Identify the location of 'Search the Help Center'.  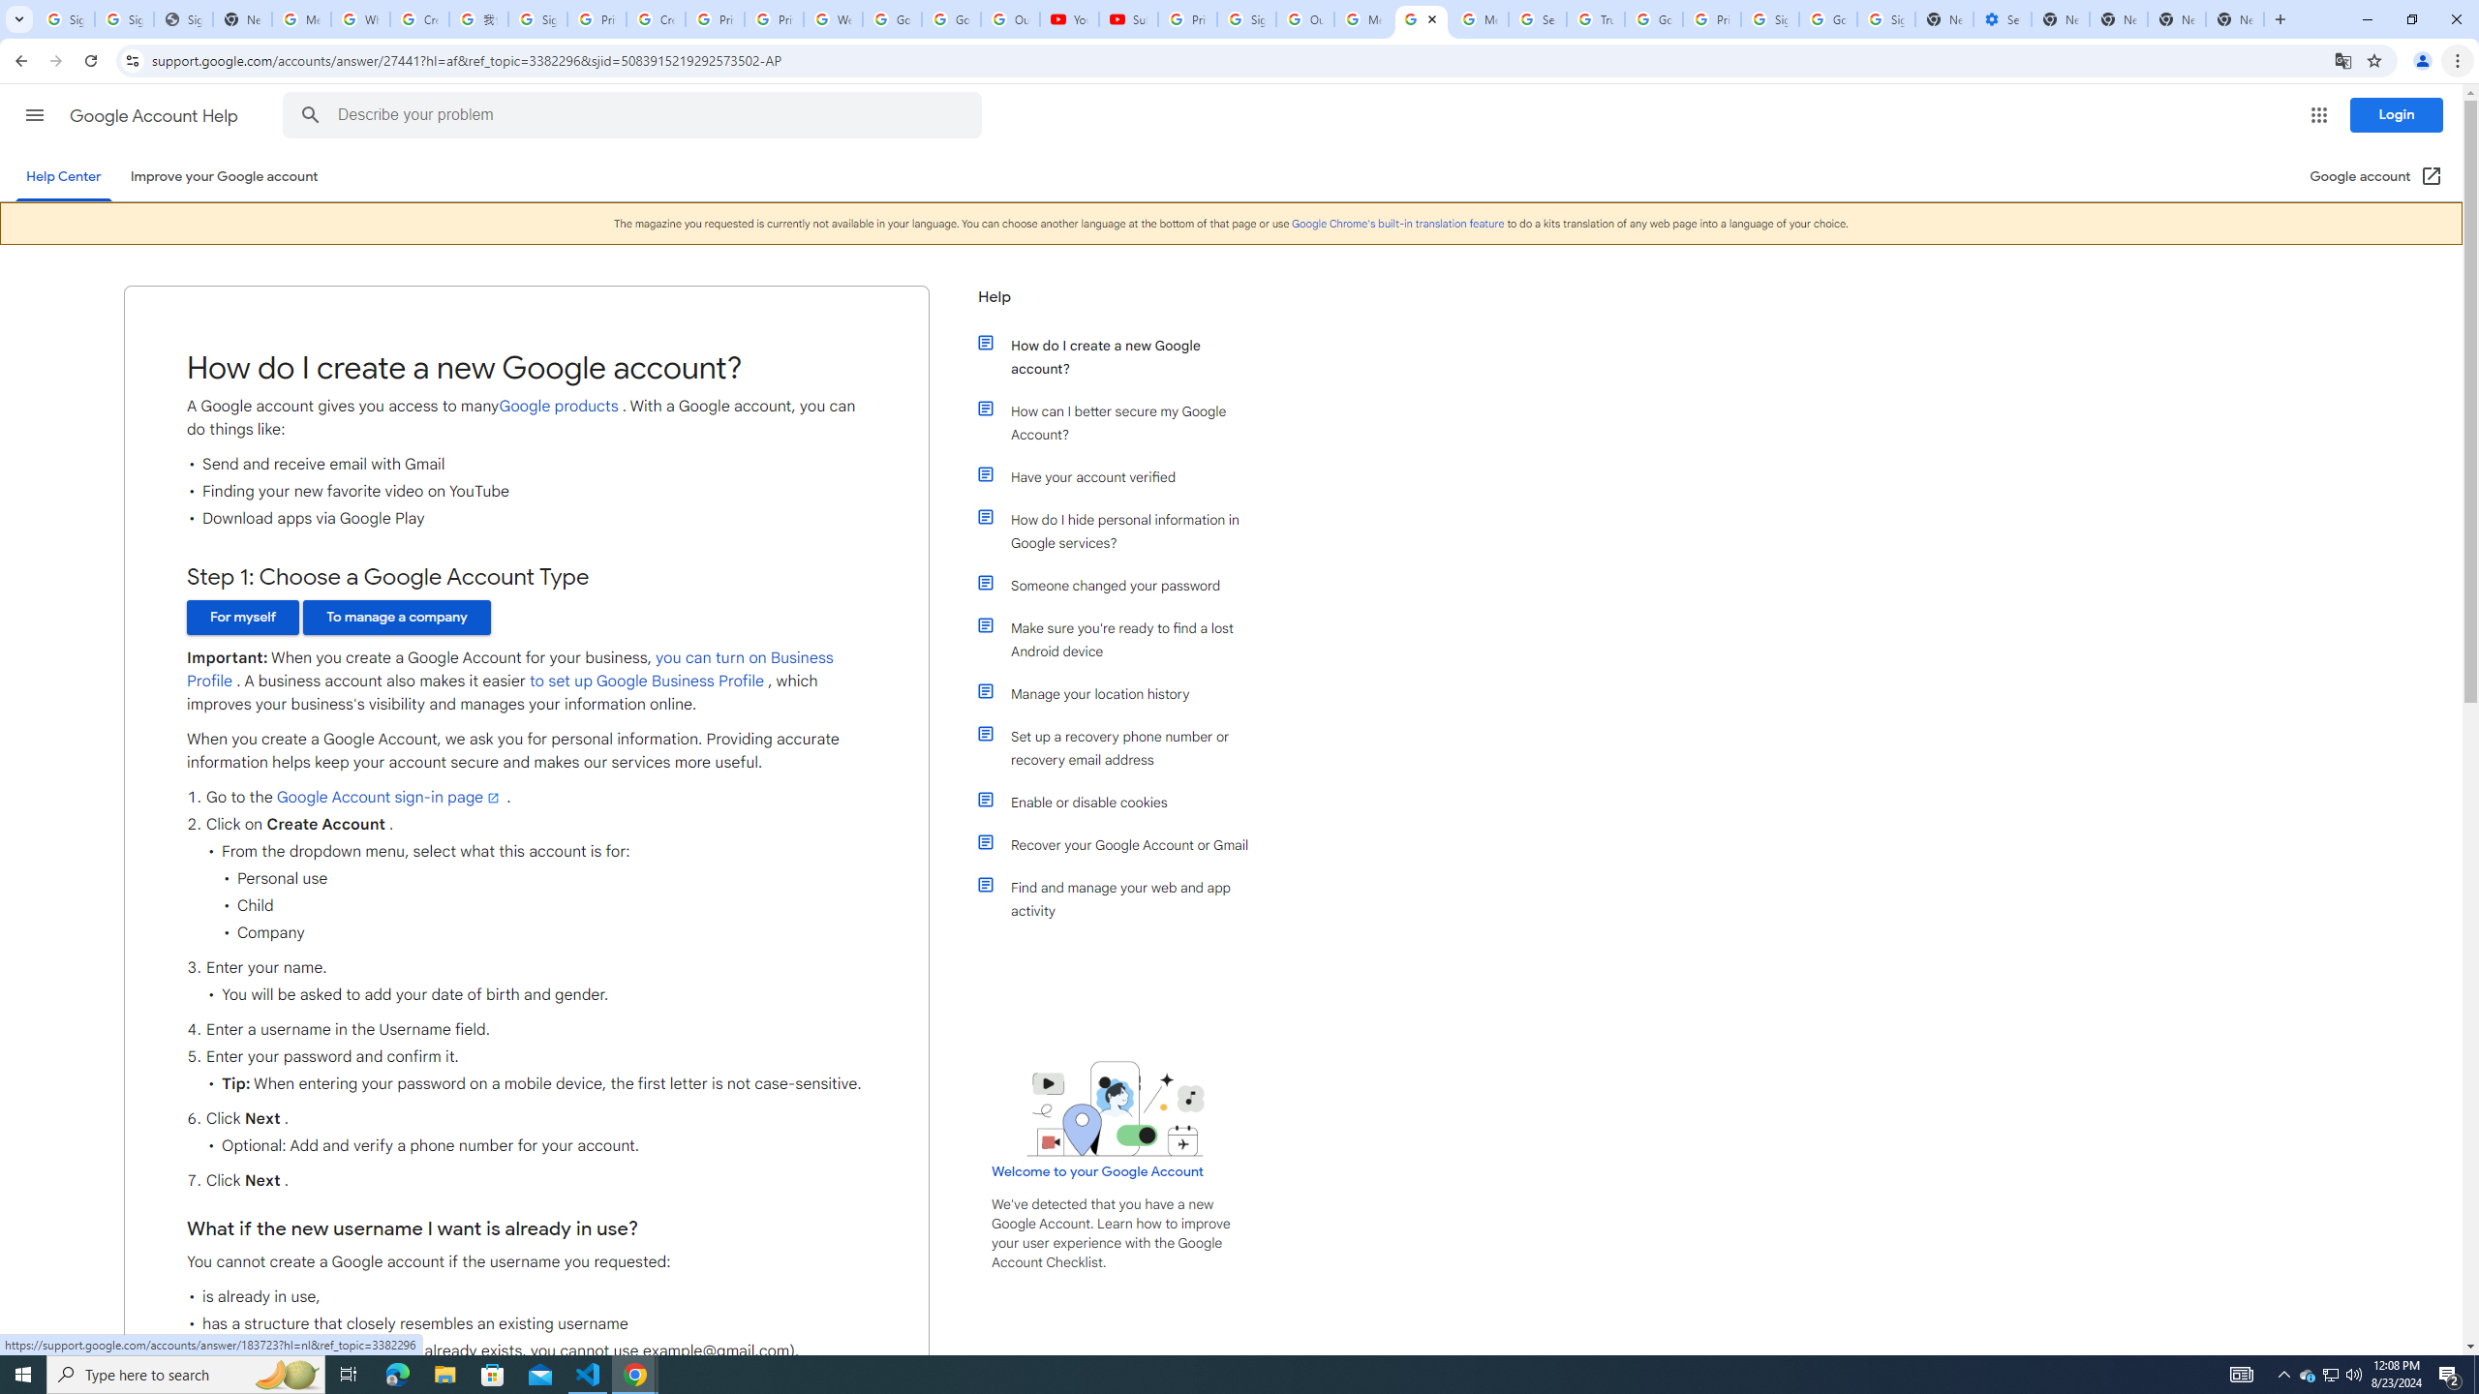
(309, 114).